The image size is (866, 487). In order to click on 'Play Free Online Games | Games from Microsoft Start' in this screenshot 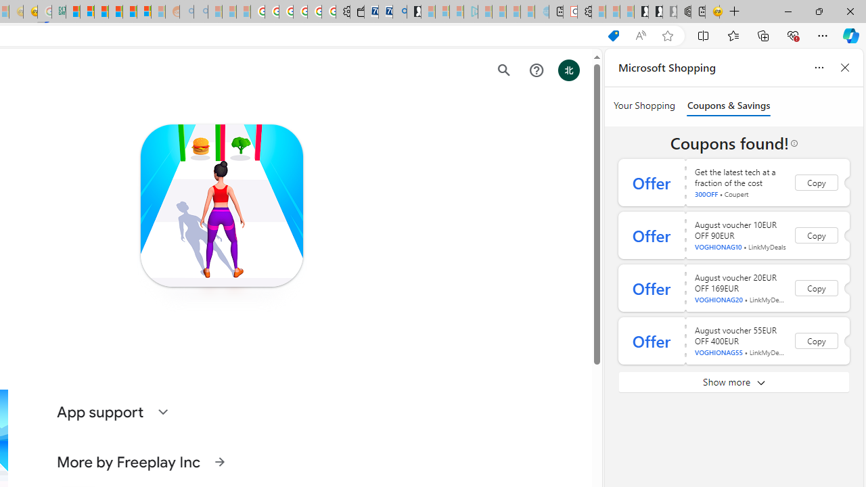, I will do `click(640, 11)`.